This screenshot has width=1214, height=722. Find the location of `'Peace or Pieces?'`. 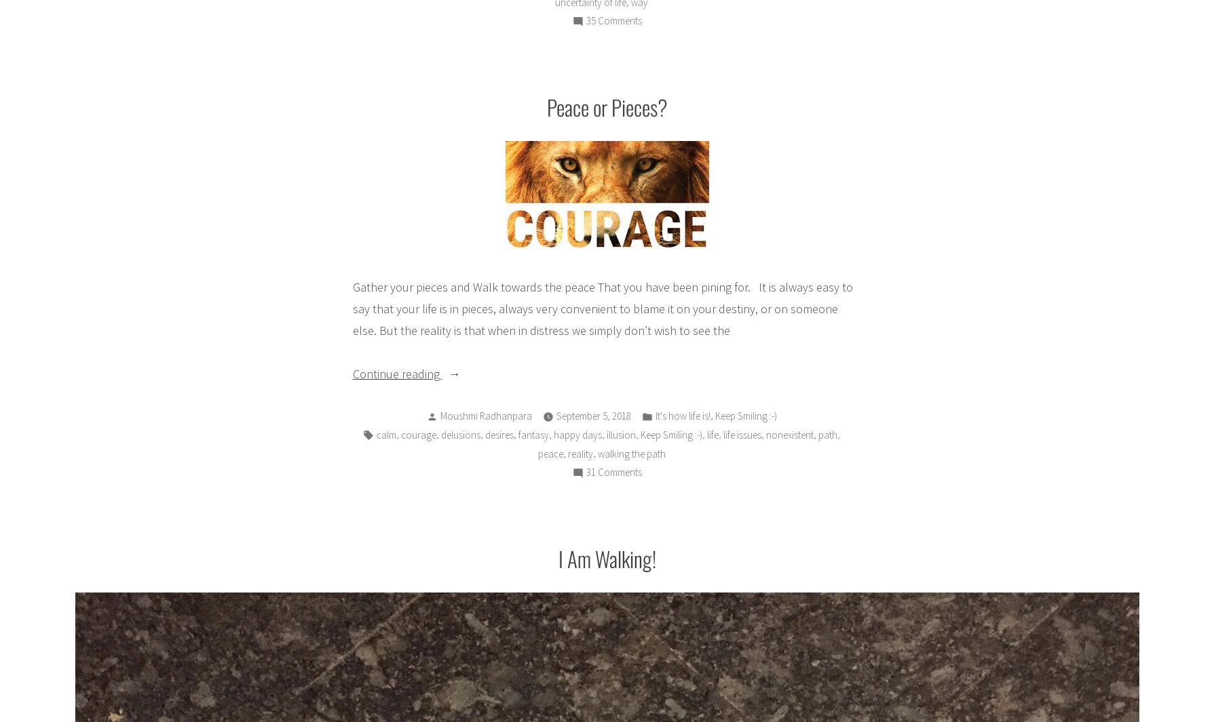

'Peace or Pieces?' is located at coordinates (606, 106).